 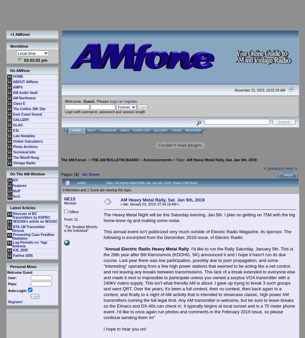 What do you see at coordinates (88, 101) in the screenshot?
I see `'Guest'` at bounding box center [88, 101].